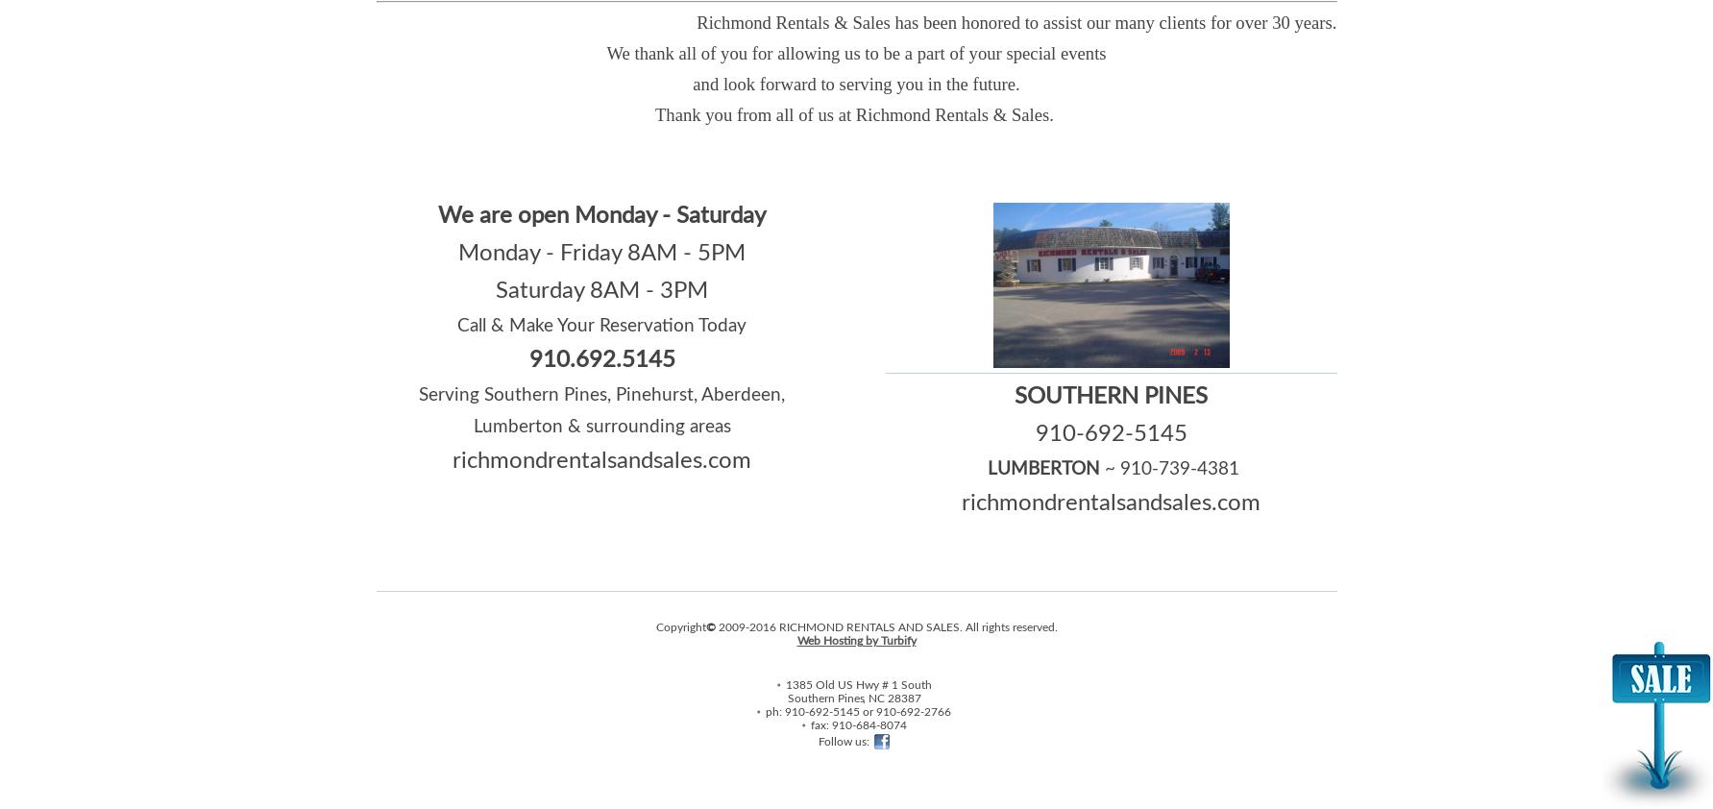 The width and height of the screenshot is (1713, 809). Describe the element at coordinates (1110, 395) in the screenshot. I see `'SOUTHERN PINES'` at that location.